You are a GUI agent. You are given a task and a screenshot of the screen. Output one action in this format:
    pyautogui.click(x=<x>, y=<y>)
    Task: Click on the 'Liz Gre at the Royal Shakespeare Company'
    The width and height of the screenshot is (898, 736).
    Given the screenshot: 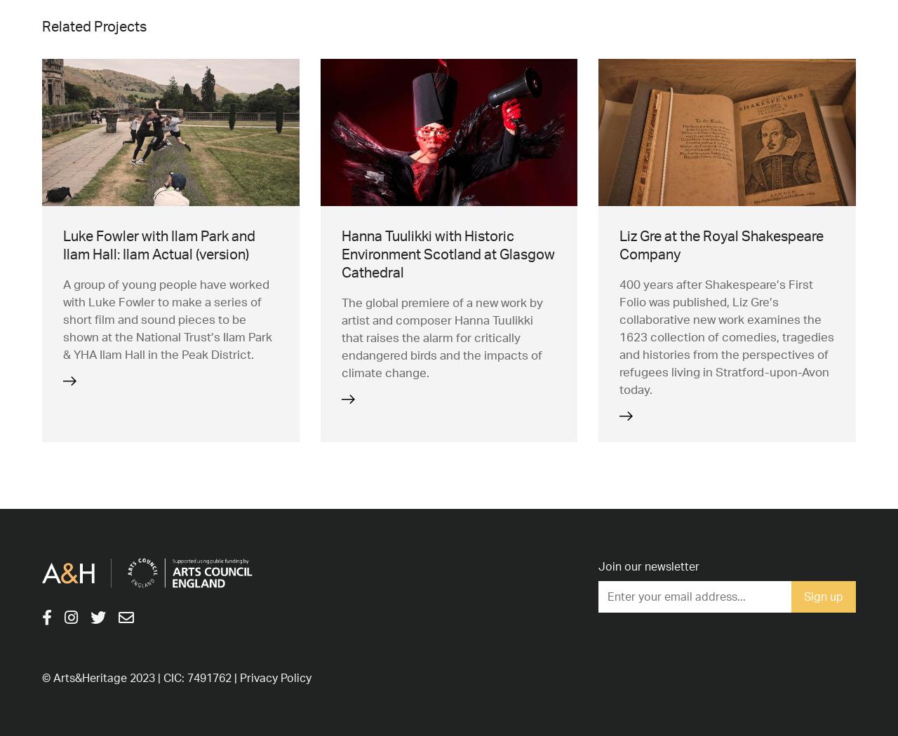 What is the action you would take?
    pyautogui.click(x=721, y=243)
    